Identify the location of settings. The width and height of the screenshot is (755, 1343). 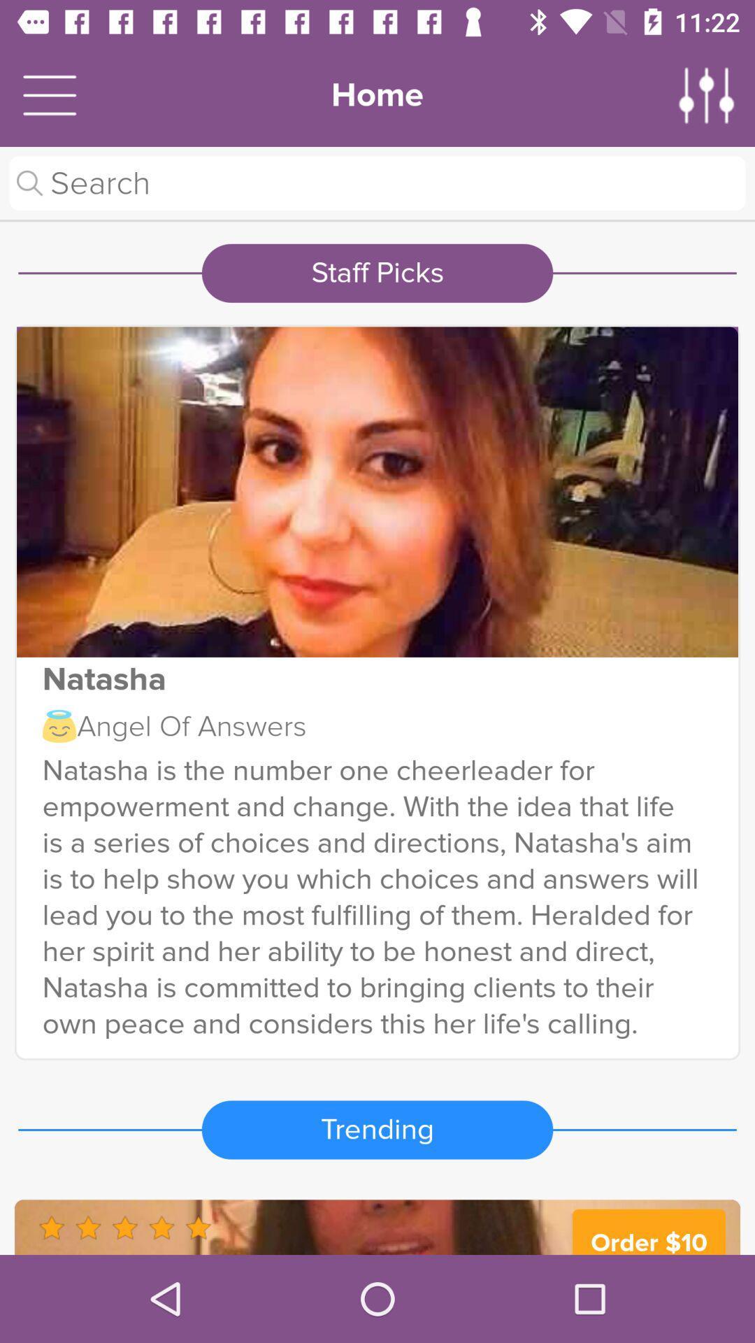
(707, 94).